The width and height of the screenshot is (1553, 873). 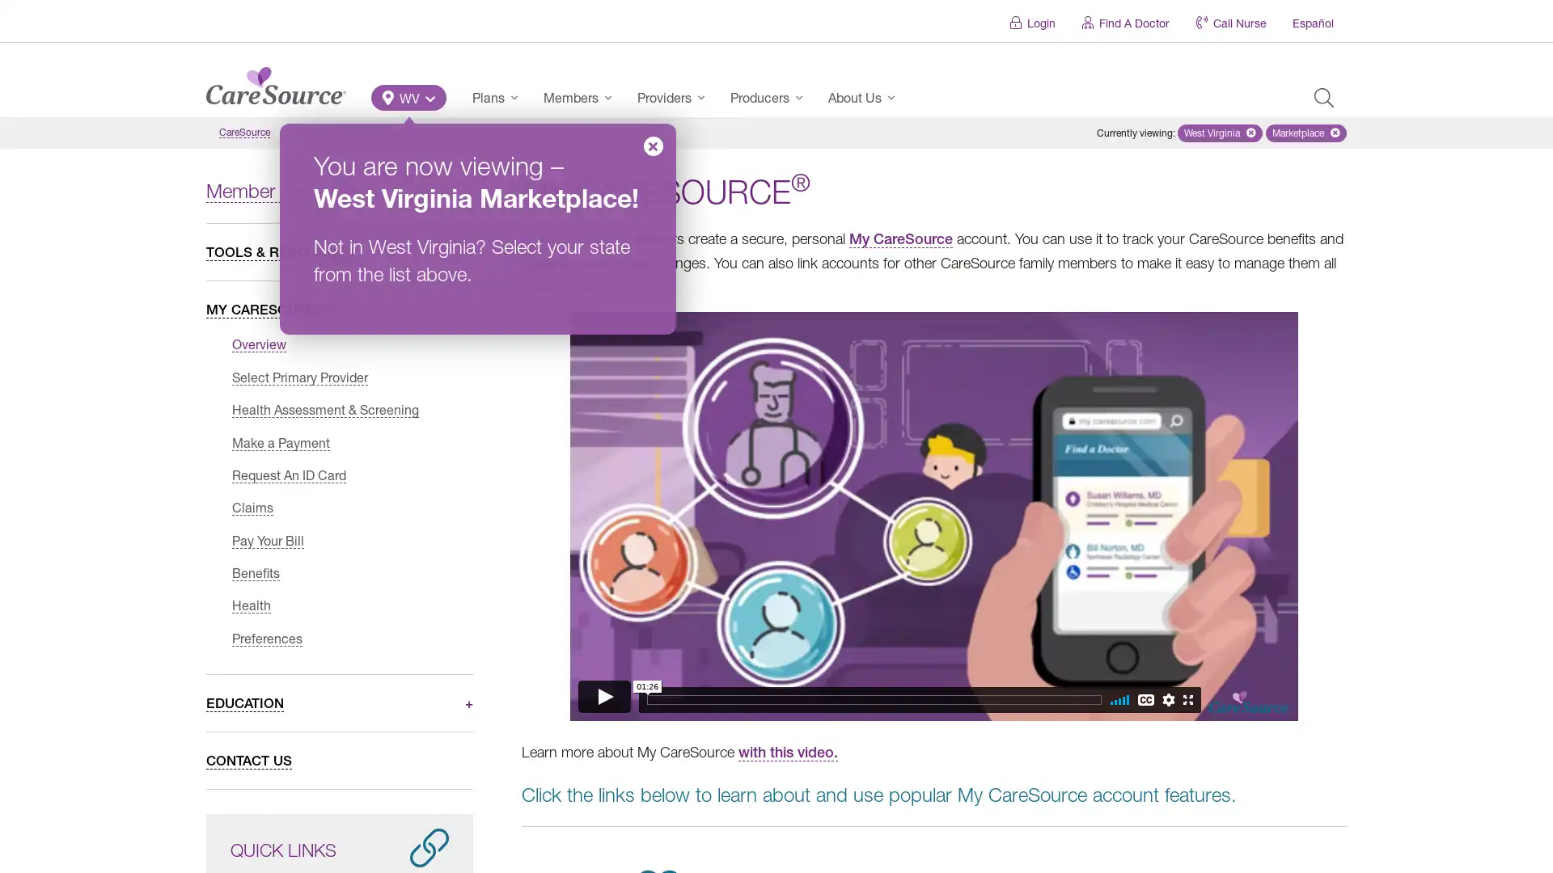 I want to click on Remove selected plan 'Marketplace', so click(x=1305, y=133).